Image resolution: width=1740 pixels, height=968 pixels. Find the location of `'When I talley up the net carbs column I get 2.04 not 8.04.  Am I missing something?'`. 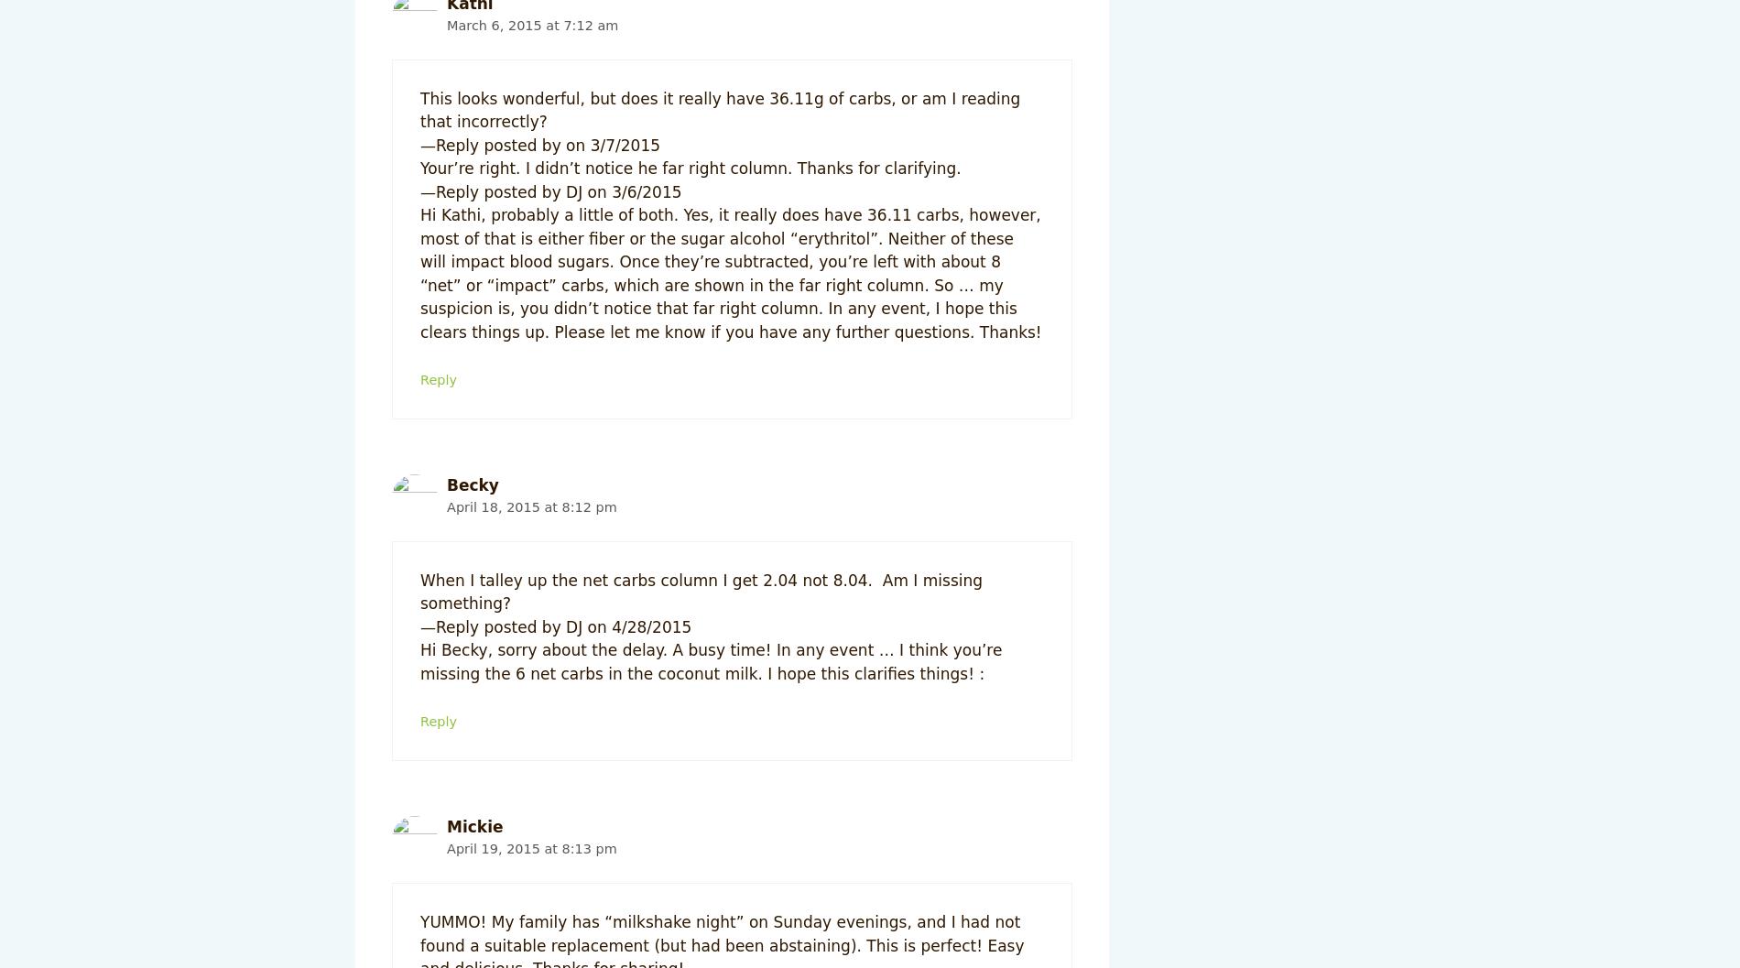

'When I talley up the net carbs column I get 2.04 not 8.04.  Am I missing something?' is located at coordinates (419, 592).